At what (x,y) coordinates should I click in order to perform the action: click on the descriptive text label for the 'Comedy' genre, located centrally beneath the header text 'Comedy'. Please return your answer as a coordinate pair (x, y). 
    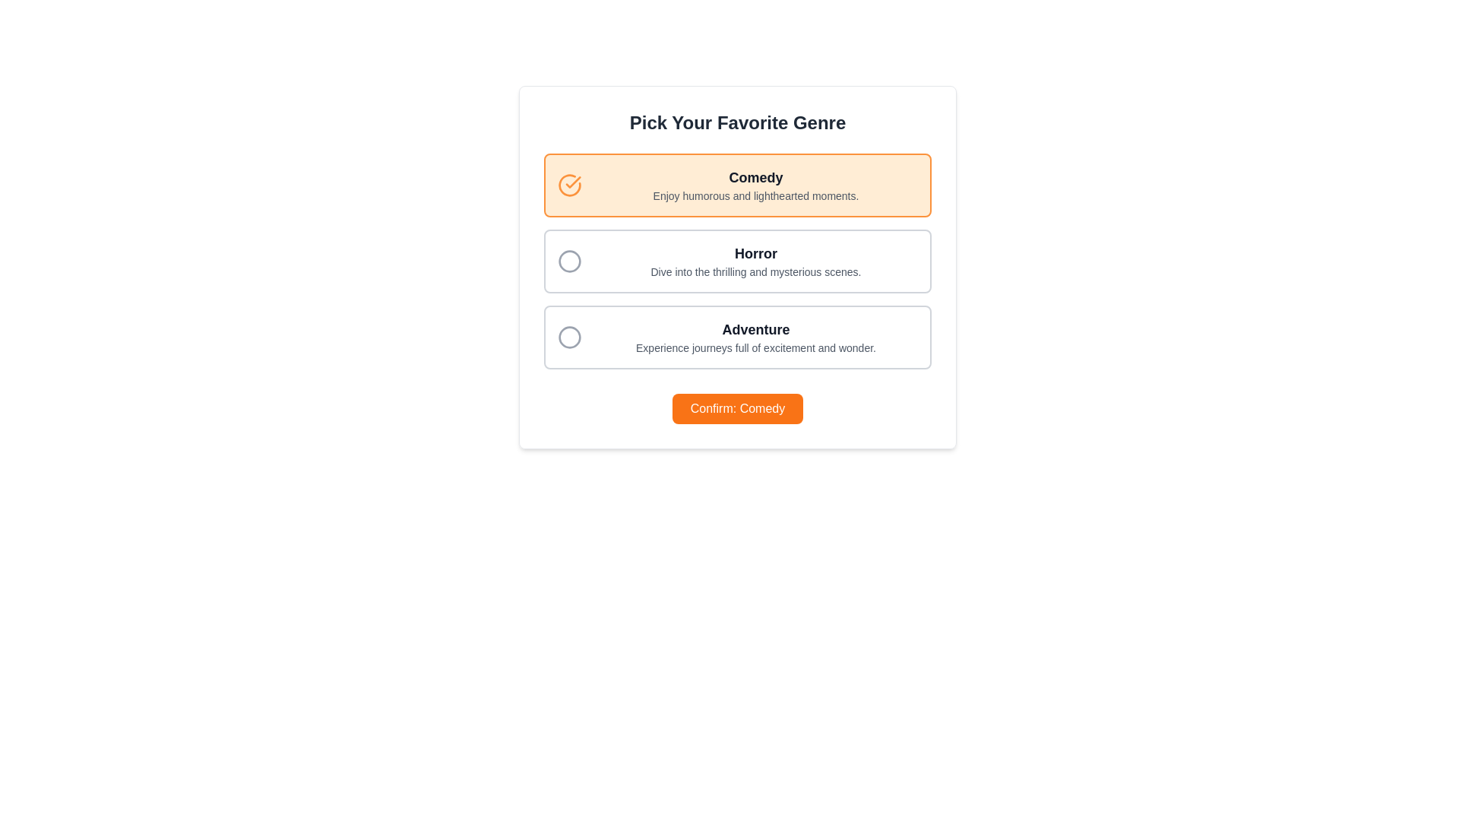
    Looking at the image, I should click on (755, 195).